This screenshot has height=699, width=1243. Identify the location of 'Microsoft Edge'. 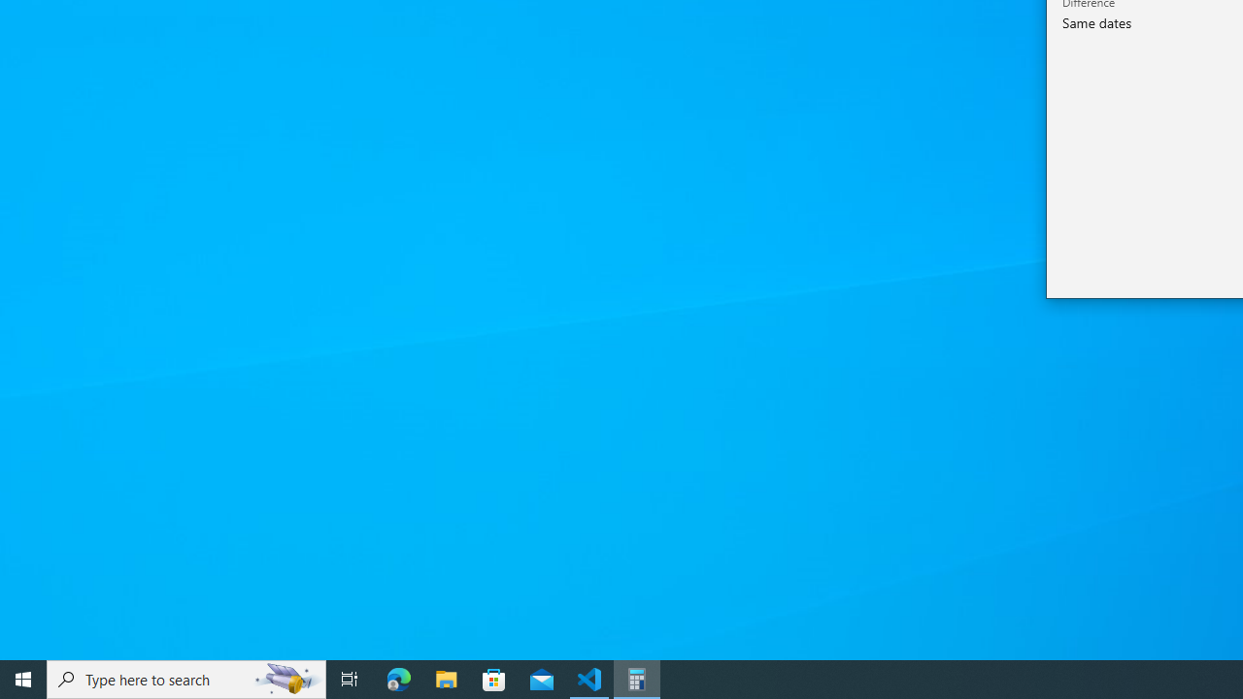
(398, 678).